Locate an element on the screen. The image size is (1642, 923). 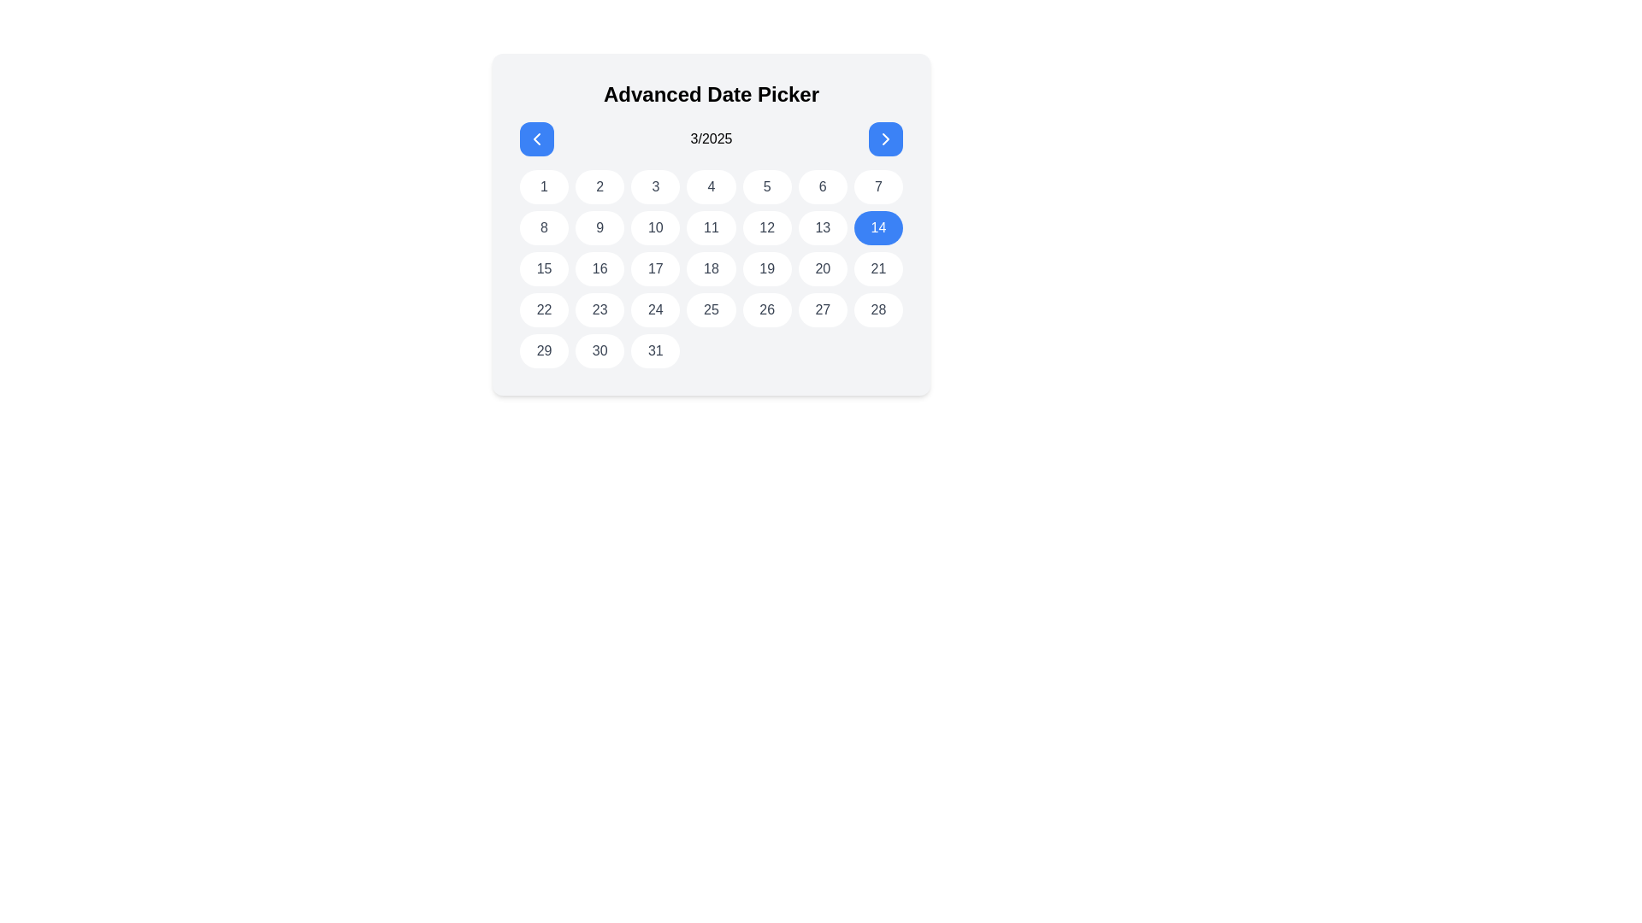
the circular button with a white background and the number '15' in dark gray text is located at coordinates (543, 269).